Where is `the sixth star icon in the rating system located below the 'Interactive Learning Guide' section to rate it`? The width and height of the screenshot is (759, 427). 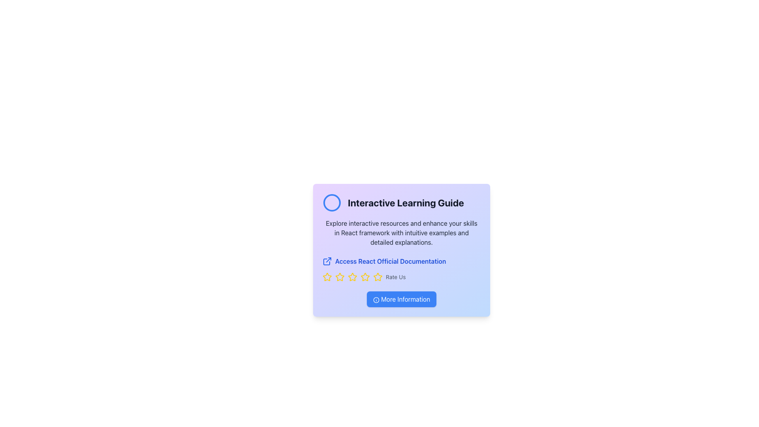
the sixth star icon in the rating system located below the 'Interactive Learning Guide' section to rate it is located at coordinates (365, 277).